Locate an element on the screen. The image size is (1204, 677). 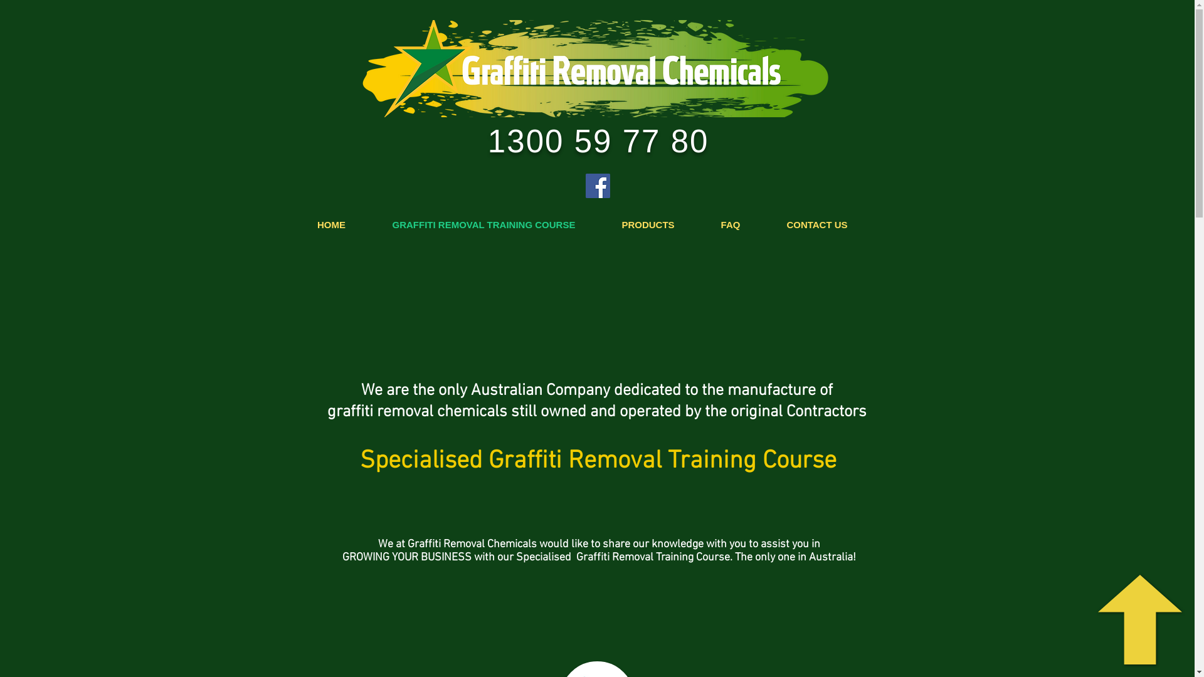
'PRODUCTS' is located at coordinates (647, 224).